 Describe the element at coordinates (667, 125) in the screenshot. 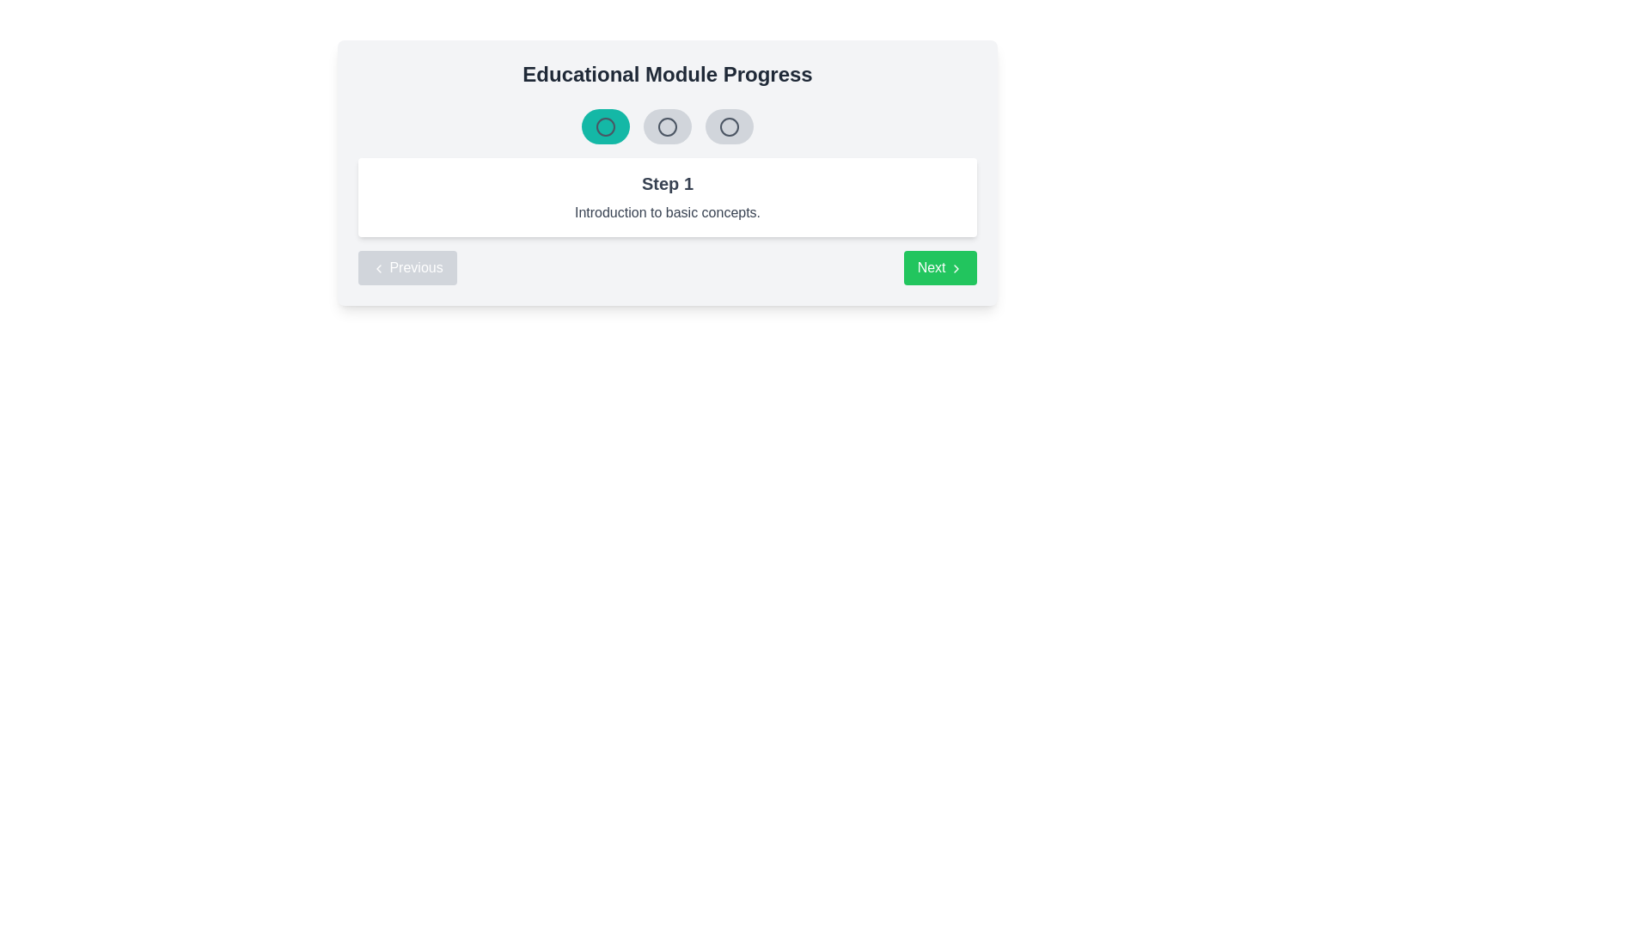

I see `the second circular progress indicator icon in the 'Educational Module Progress' section to indicate the current or specific step` at that location.